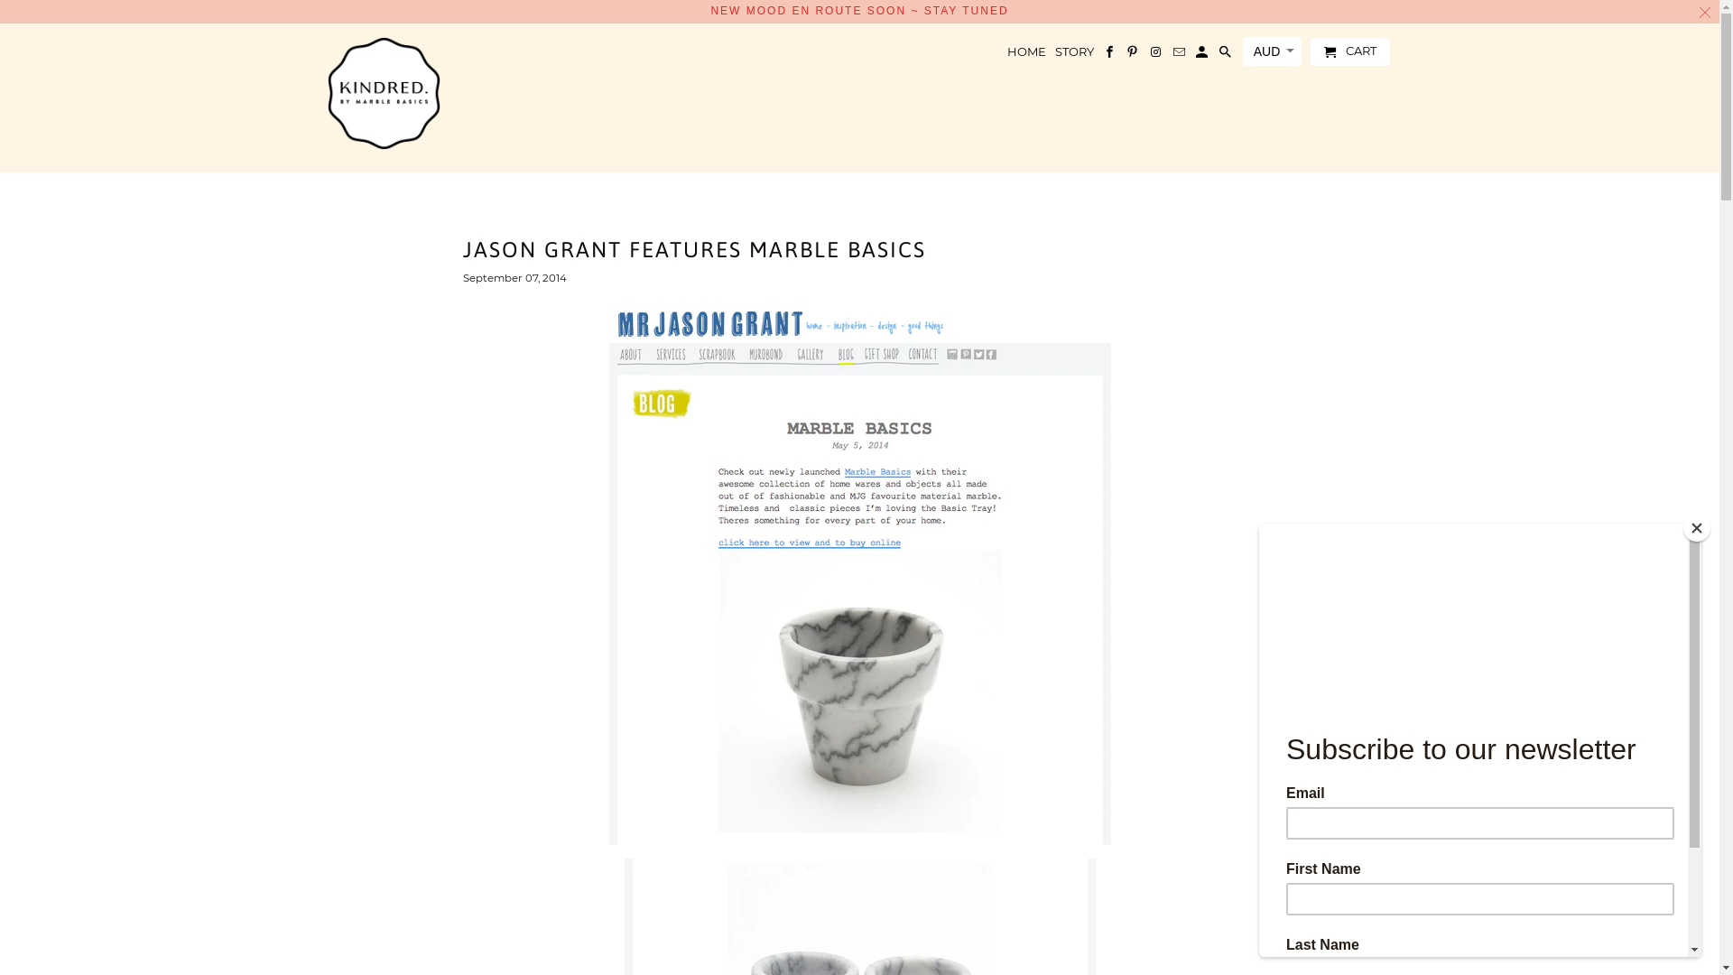 The image size is (1733, 975). I want to click on 'Search', so click(1226, 54).